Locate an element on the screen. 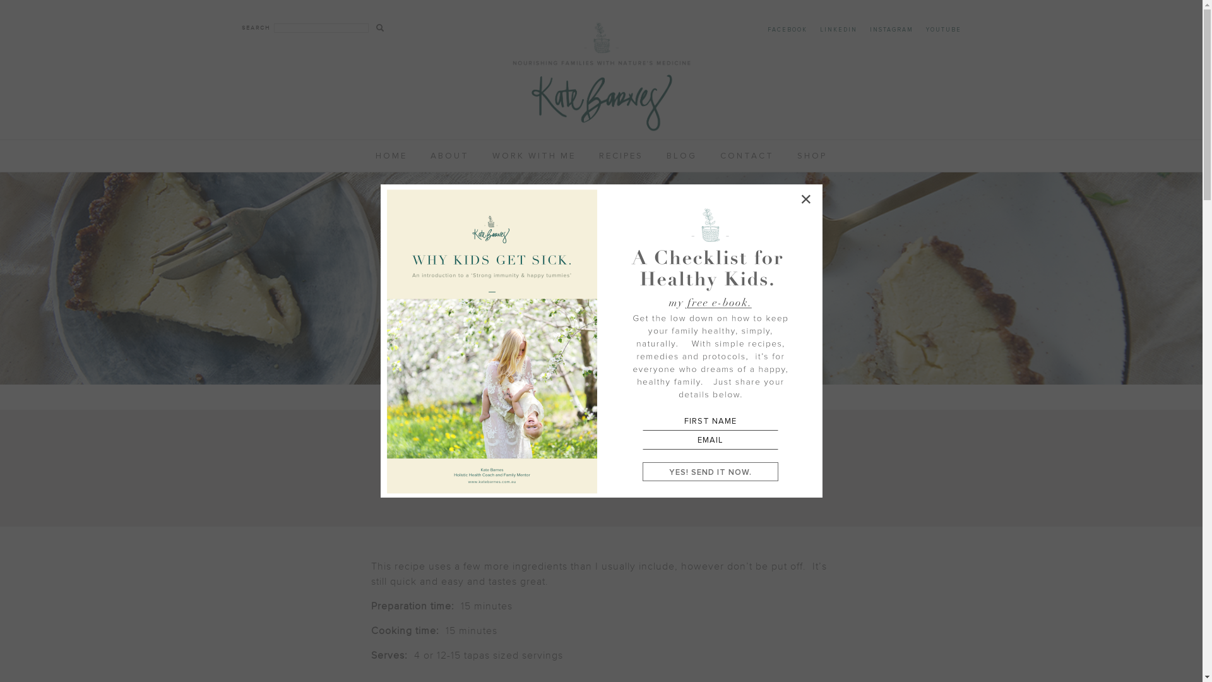  'LINKEDIN' is located at coordinates (838, 29).